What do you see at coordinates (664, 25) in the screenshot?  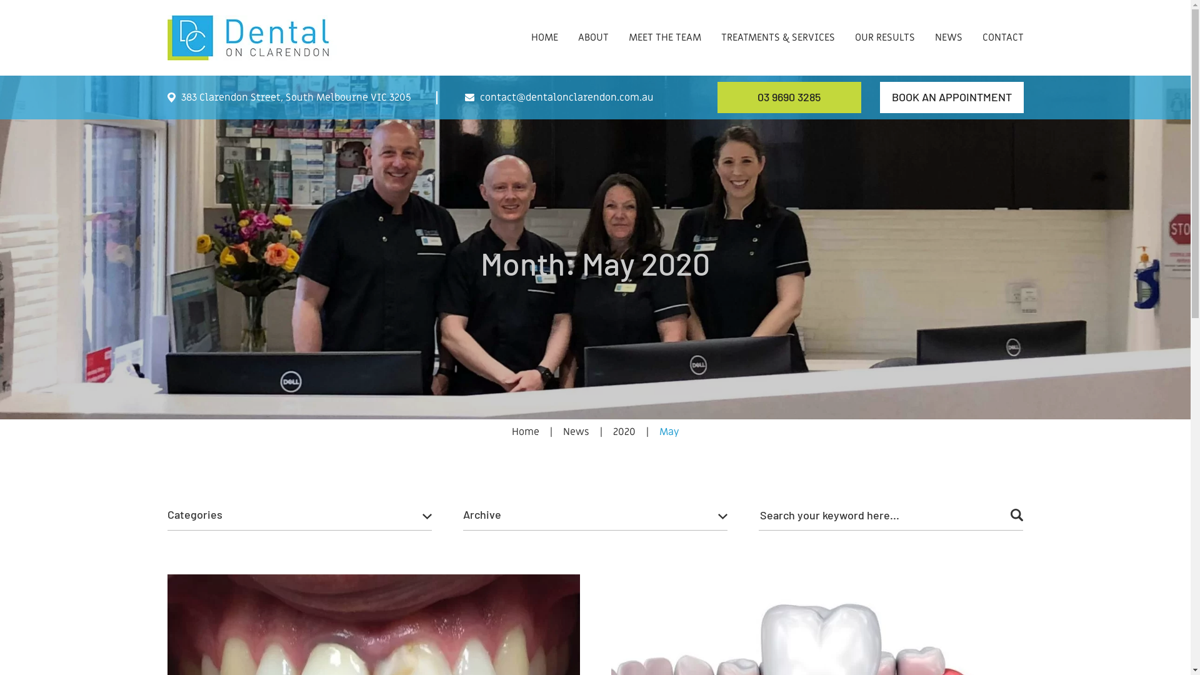 I see `'MEET THE TEAM'` at bounding box center [664, 25].